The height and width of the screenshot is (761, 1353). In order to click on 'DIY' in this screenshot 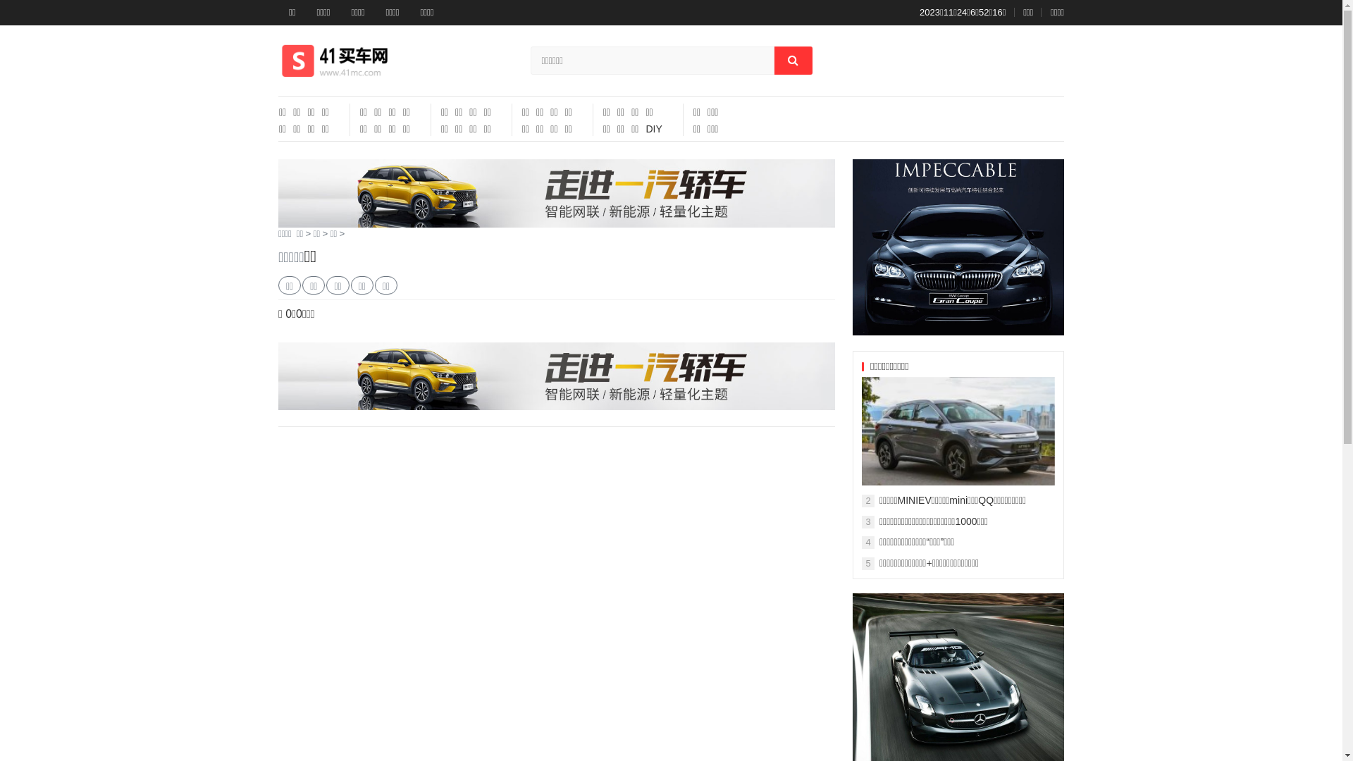, I will do `click(641, 128)`.